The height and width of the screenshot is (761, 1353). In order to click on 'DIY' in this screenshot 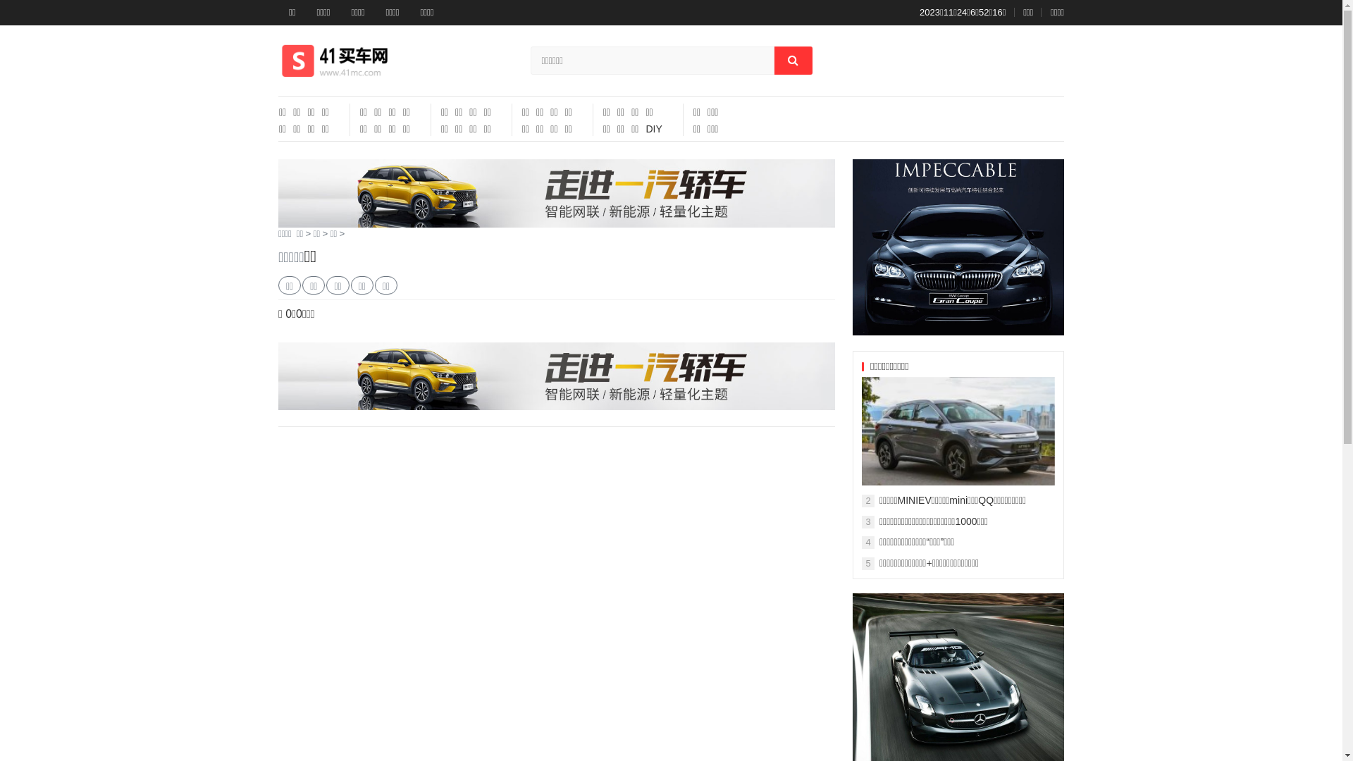, I will do `click(641, 128)`.